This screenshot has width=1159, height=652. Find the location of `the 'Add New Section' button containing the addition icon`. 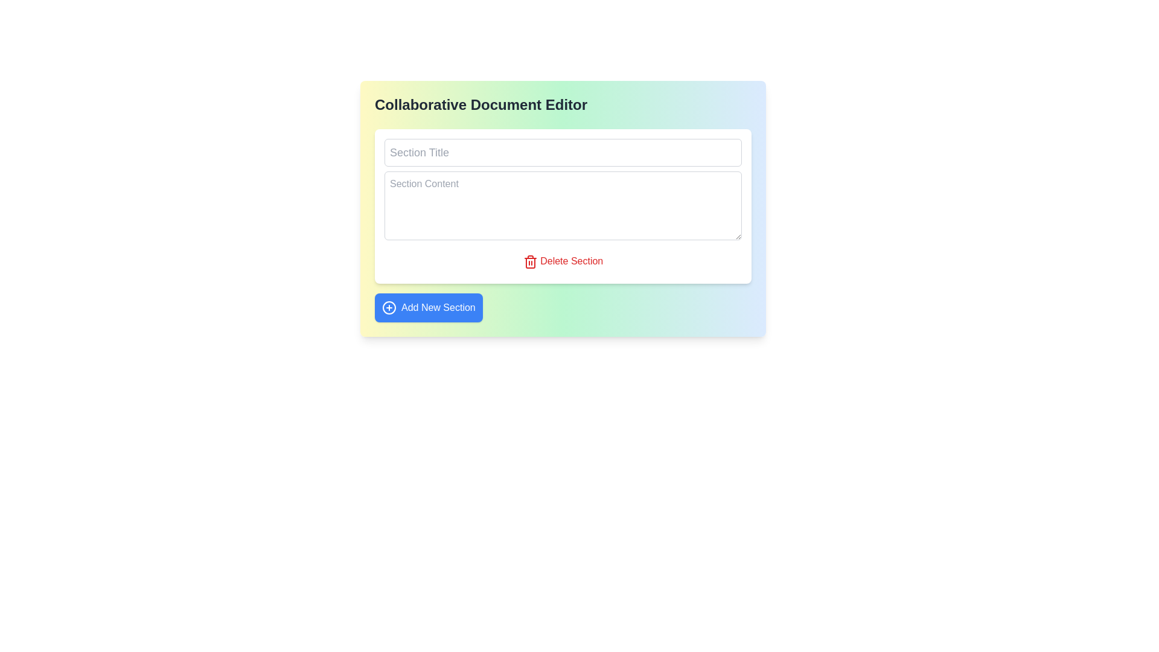

the 'Add New Section' button containing the addition icon is located at coordinates (389, 307).